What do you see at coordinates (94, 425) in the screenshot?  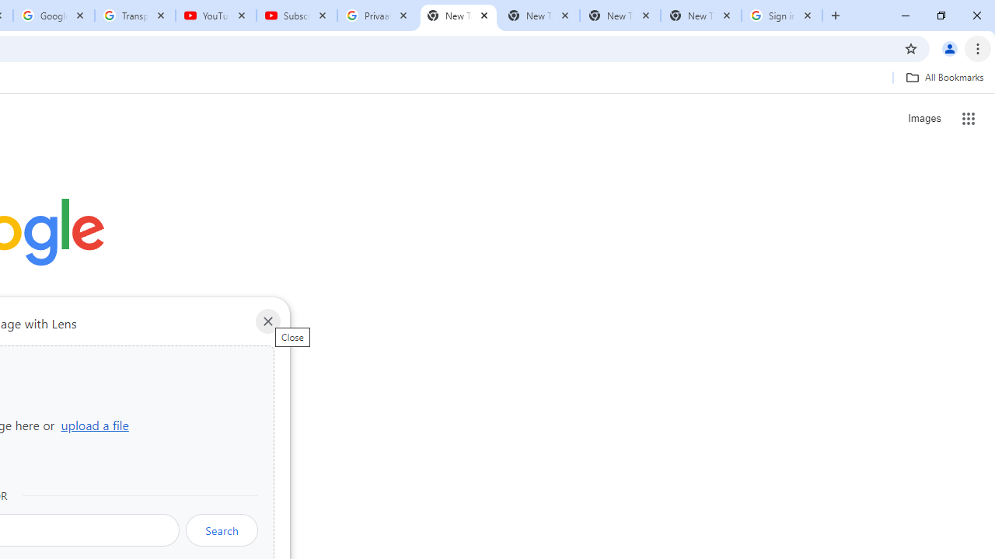 I see `'upload a file'` at bounding box center [94, 425].